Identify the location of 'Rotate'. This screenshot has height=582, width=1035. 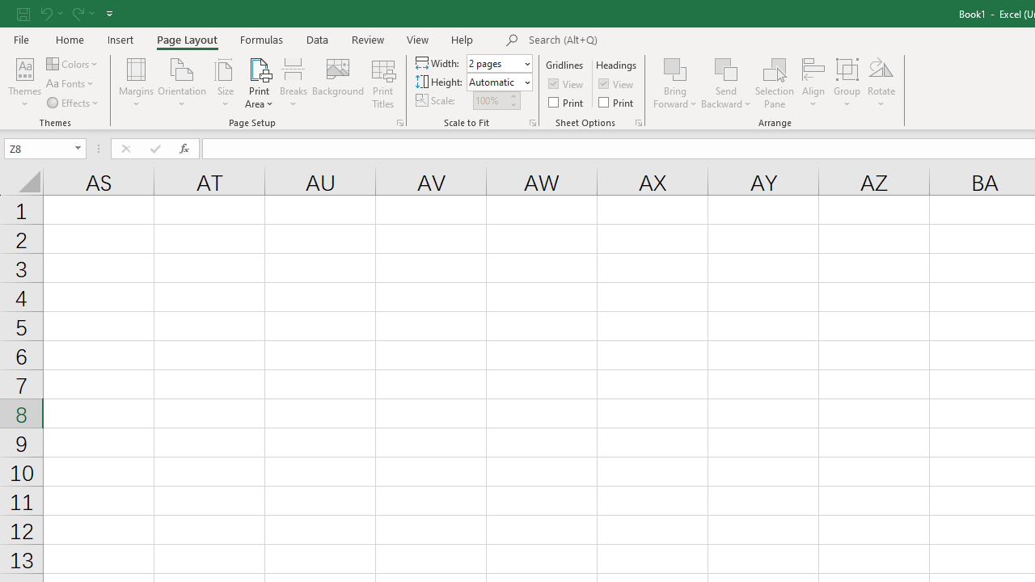
(880, 83).